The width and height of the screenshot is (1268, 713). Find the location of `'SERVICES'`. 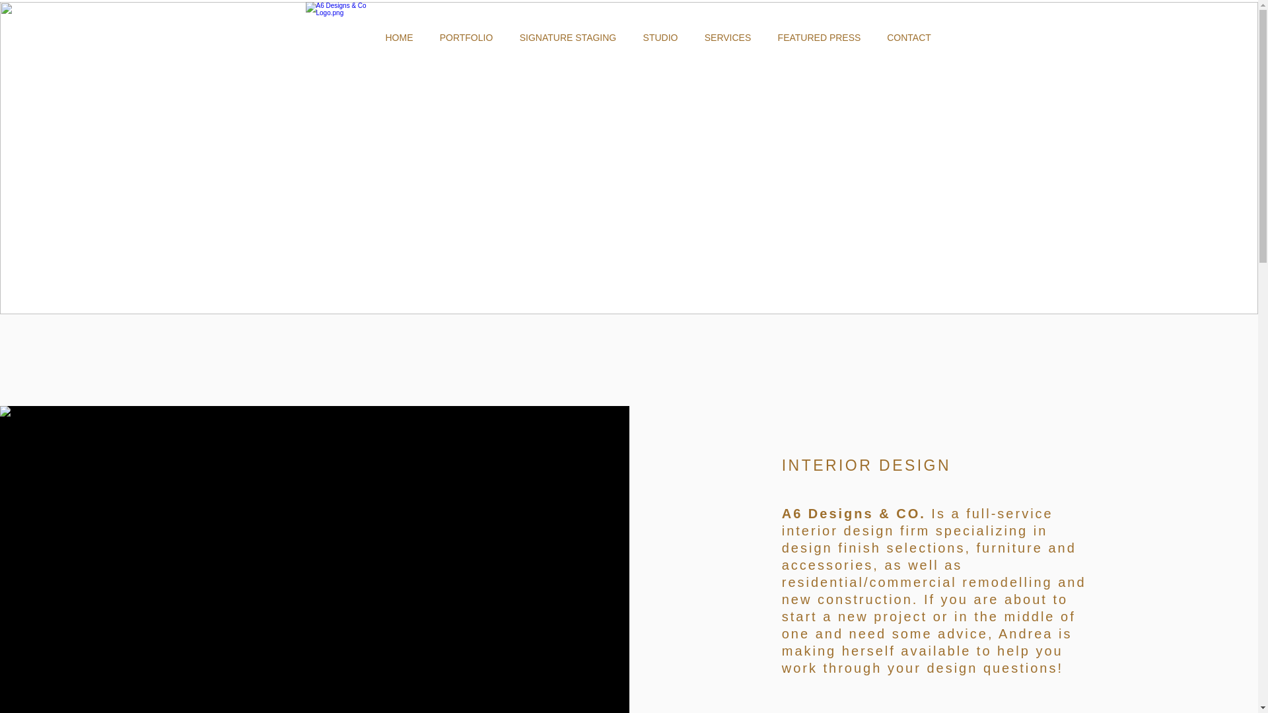

'SERVICES' is located at coordinates (726, 37).